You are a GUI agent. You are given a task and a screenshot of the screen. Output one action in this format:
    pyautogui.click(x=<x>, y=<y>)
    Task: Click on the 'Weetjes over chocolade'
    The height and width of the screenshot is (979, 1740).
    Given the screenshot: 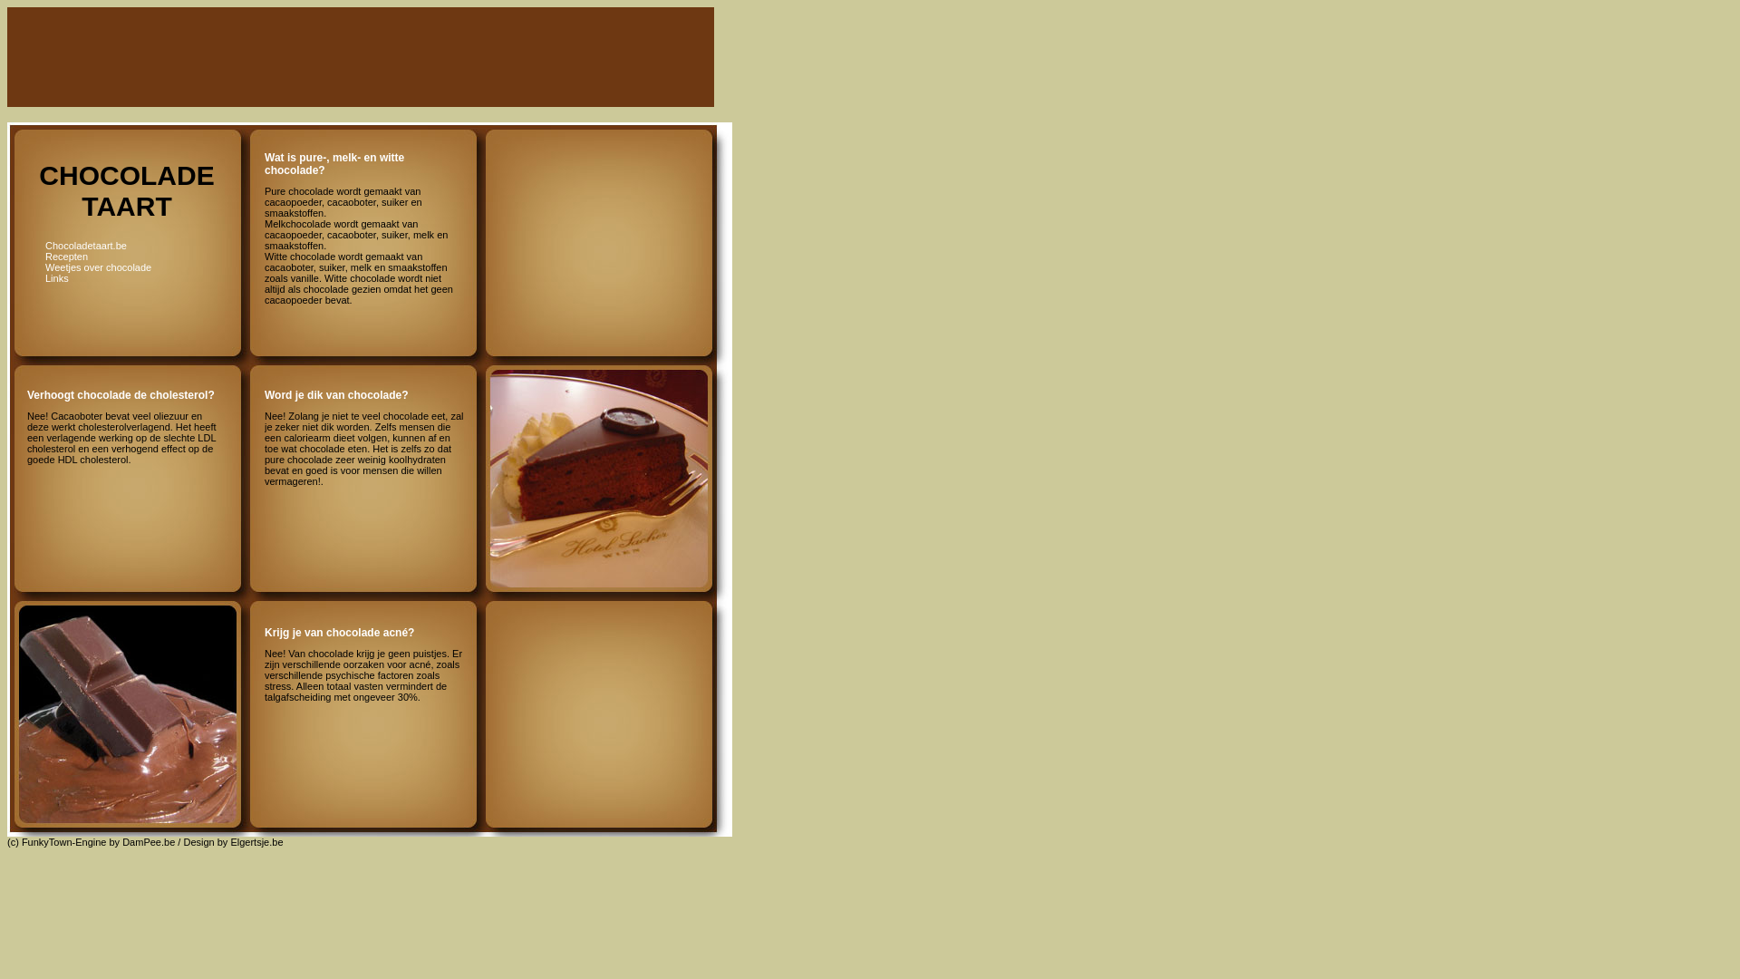 What is the action you would take?
    pyautogui.click(x=97, y=267)
    